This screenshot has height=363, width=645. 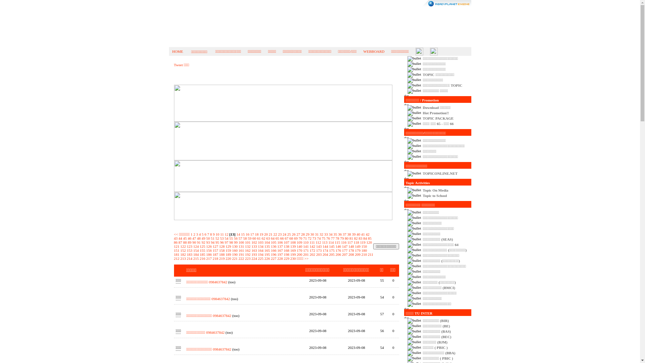 I want to click on 'TOPICONLINE.NET', so click(x=440, y=173).